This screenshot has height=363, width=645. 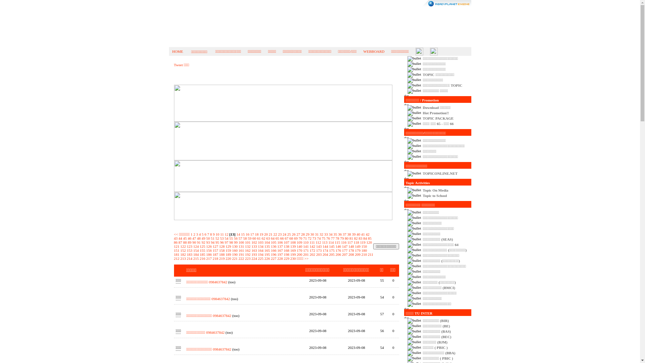 I want to click on 'TOPICONLINE.NET', so click(x=440, y=173).